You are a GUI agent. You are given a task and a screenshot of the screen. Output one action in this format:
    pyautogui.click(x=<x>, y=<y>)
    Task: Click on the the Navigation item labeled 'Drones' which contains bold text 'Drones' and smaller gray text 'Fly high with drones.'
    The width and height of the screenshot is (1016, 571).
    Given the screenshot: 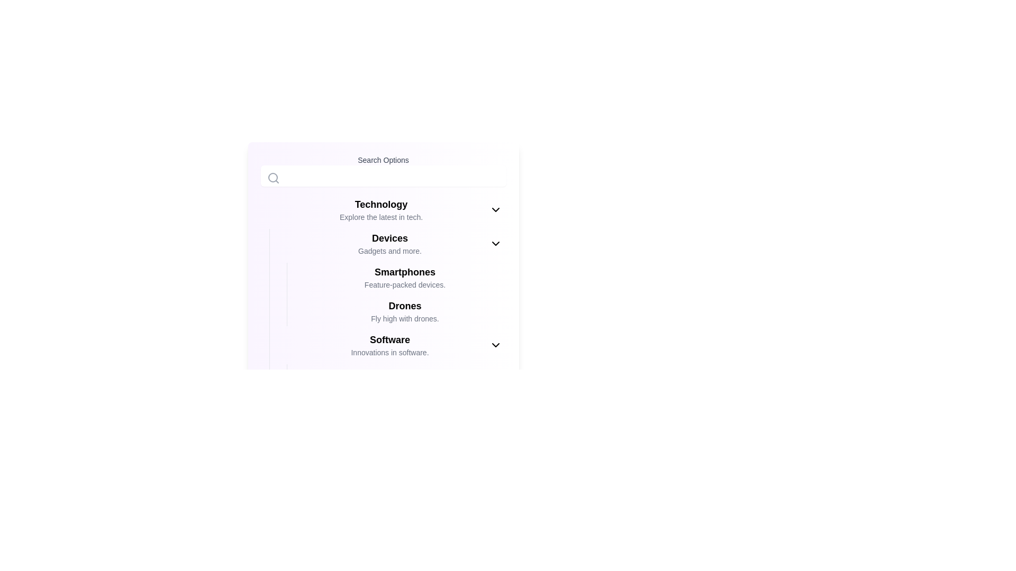 What is the action you would take?
    pyautogui.click(x=400, y=311)
    